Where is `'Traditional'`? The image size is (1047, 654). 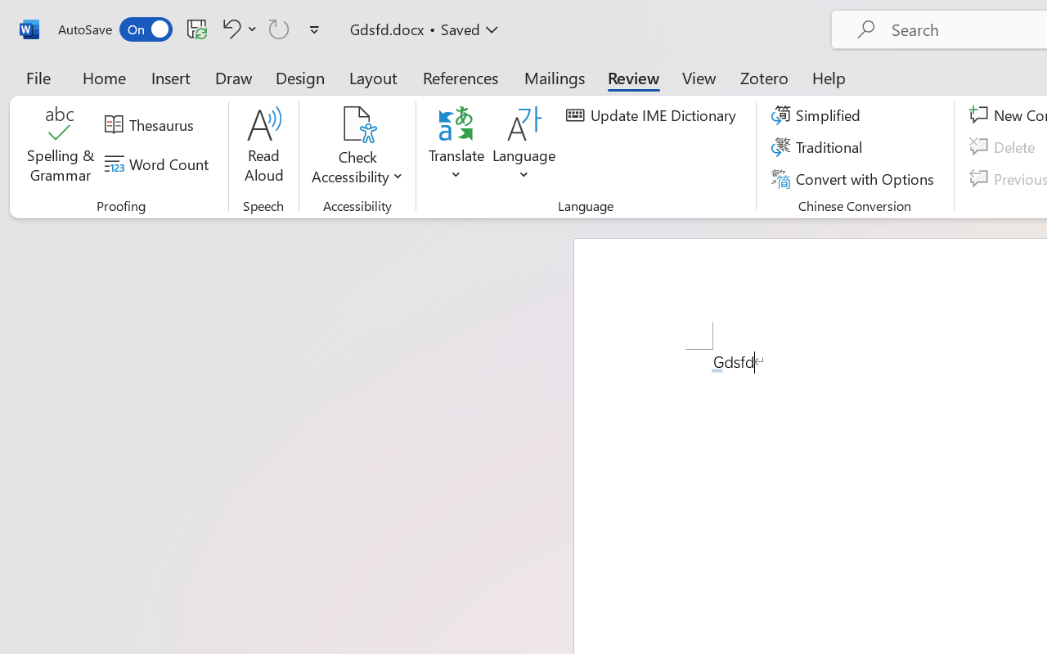
'Traditional' is located at coordinates (820, 146).